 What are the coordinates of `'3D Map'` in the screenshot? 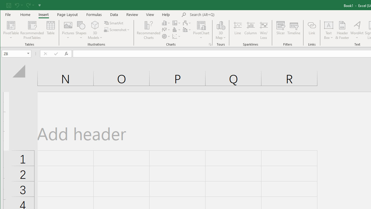 It's located at (221, 30).